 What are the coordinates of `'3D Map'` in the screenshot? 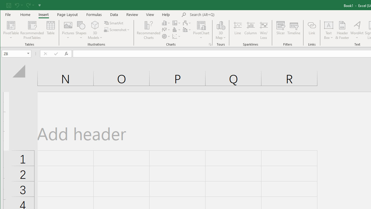 It's located at (221, 30).